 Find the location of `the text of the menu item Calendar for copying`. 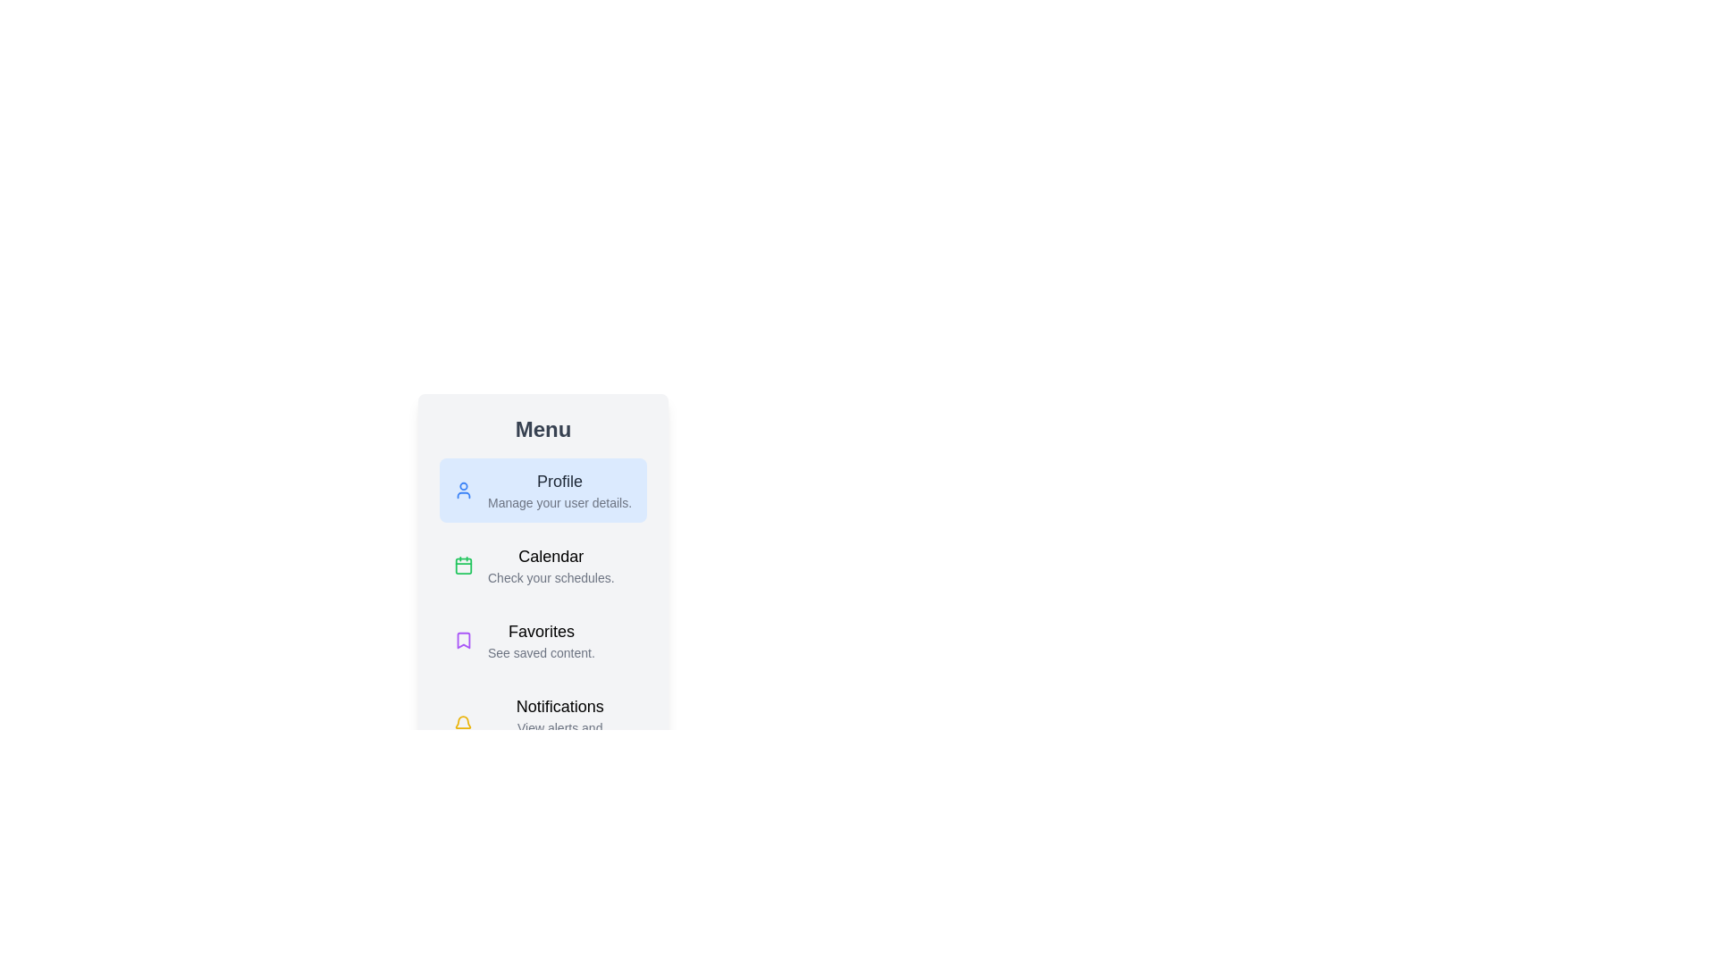

the text of the menu item Calendar for copying is located at coordinates (543, 565).